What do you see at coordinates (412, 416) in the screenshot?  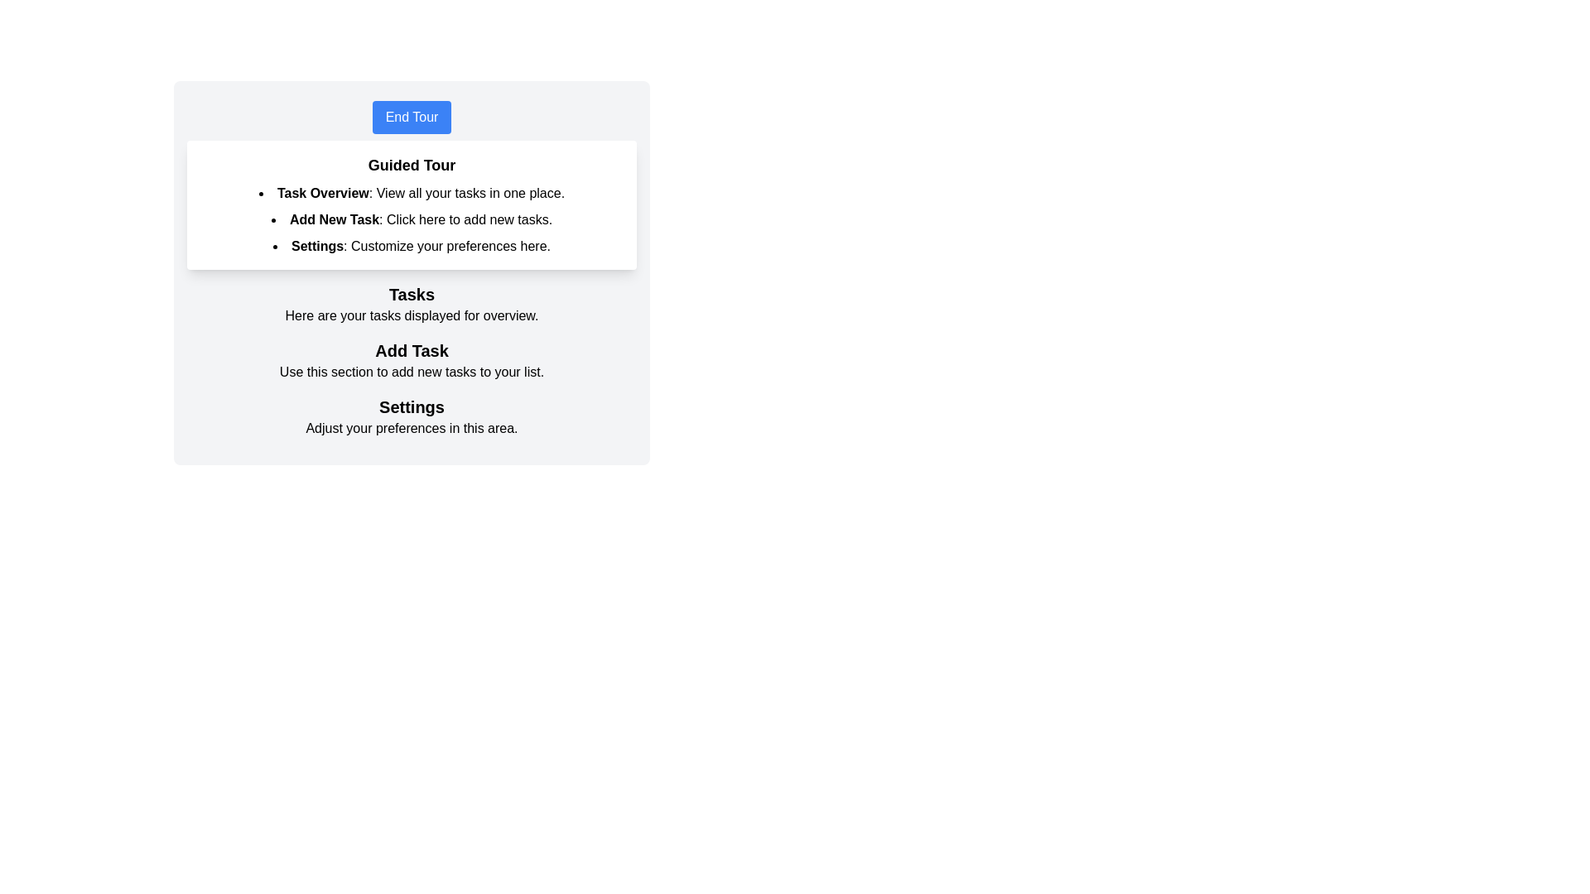 I see `the static text section that provides information about adjusting settings, located below the 'Add Task' section` at bounding box center [412, 416].